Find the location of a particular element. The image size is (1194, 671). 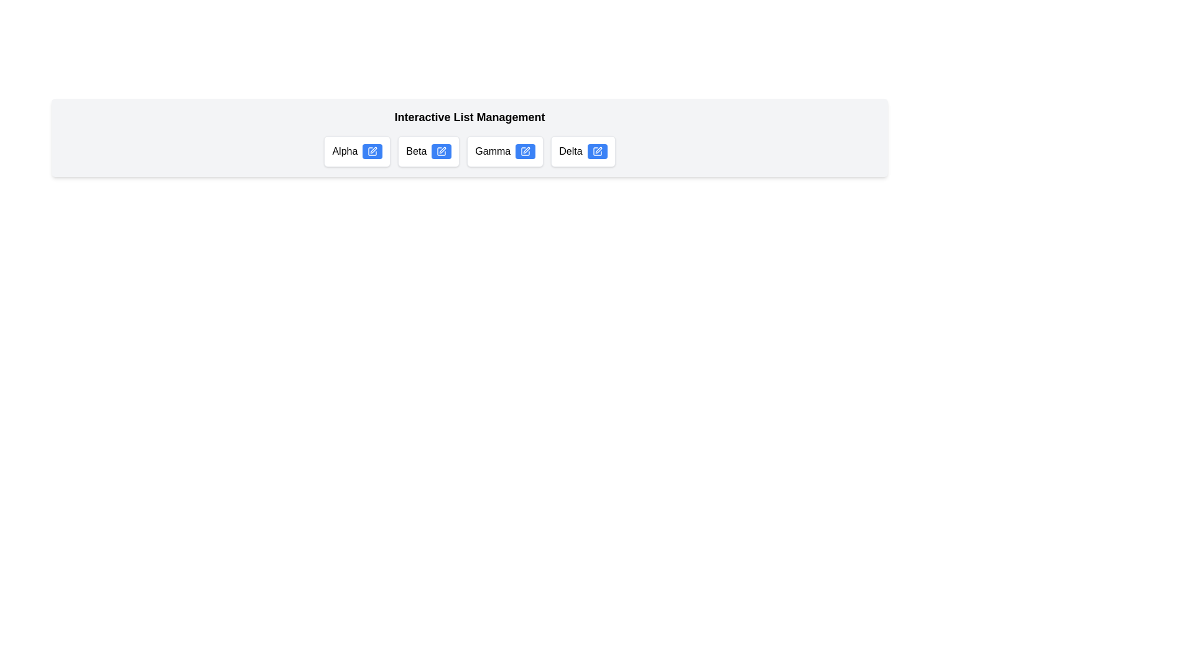

the small blue pen-like icon with a square and pen drawing within it, located in the third button labeled 'Gamma' is located at coordinates (525, 150).